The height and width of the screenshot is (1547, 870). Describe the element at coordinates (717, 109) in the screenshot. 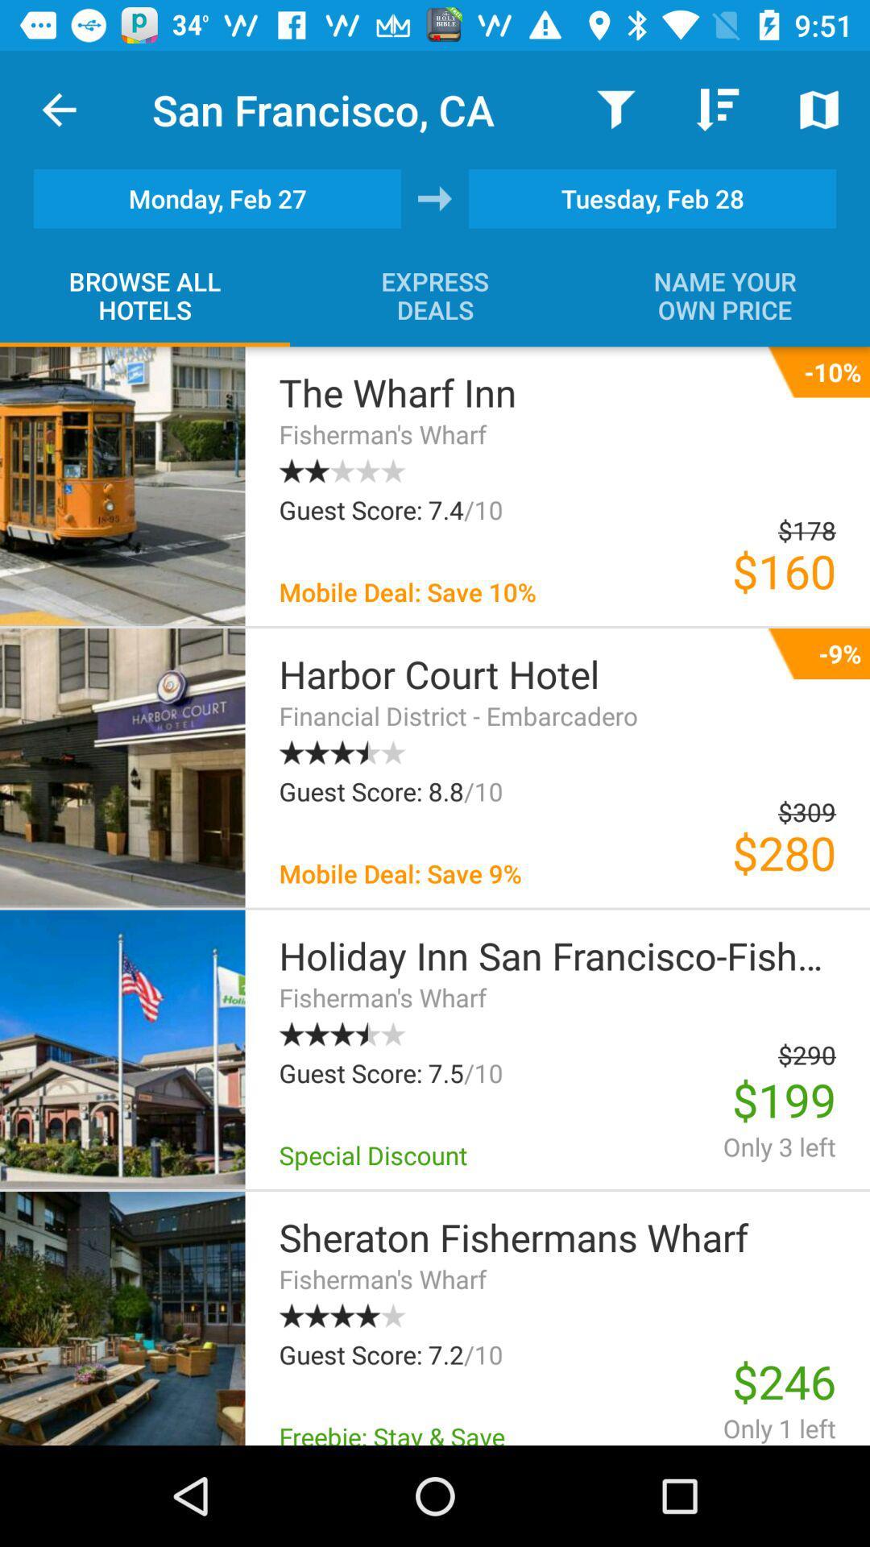

I see `the icon above tuesday, feb 28 item` at that location.